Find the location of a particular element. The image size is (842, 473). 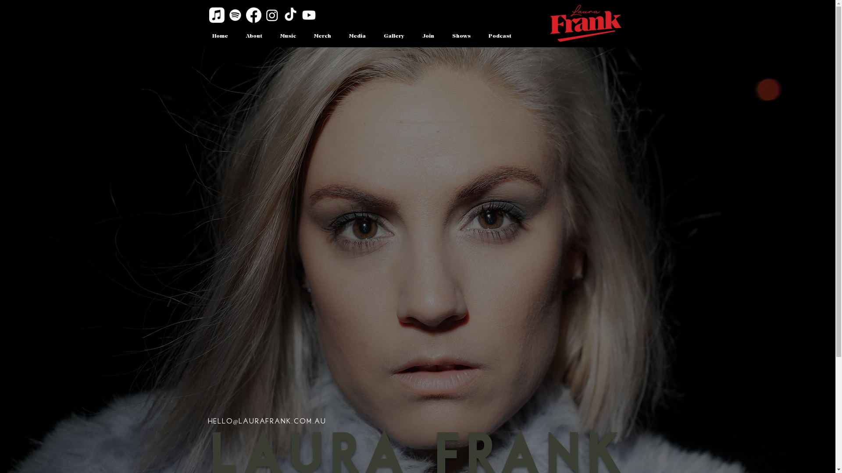

'Music' is located at coordinates (271, 36).